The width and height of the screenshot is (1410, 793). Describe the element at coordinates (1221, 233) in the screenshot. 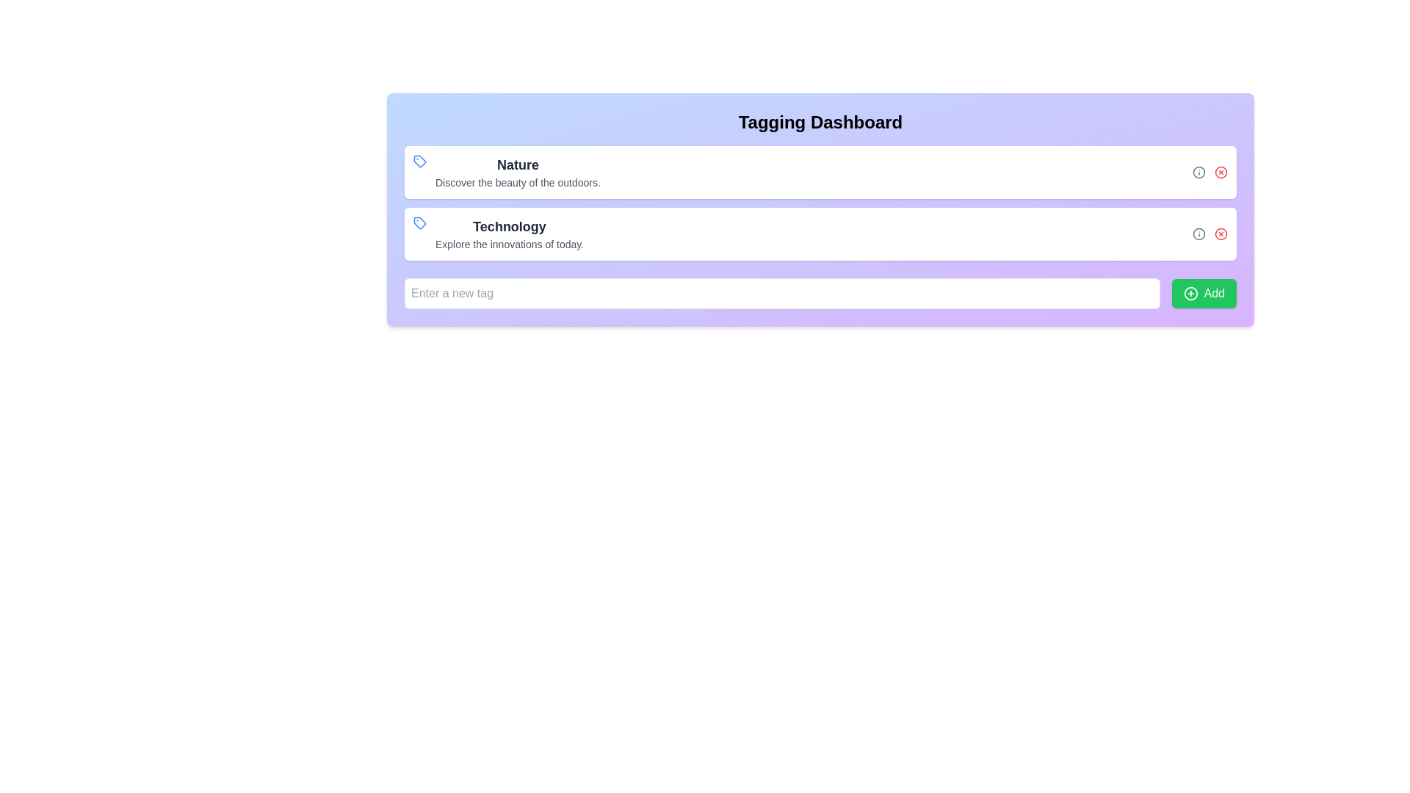

I see `the circular graphic element with a red fill, which is centrally positioned within an icon to the right of the 'Technology' list item` at that location.